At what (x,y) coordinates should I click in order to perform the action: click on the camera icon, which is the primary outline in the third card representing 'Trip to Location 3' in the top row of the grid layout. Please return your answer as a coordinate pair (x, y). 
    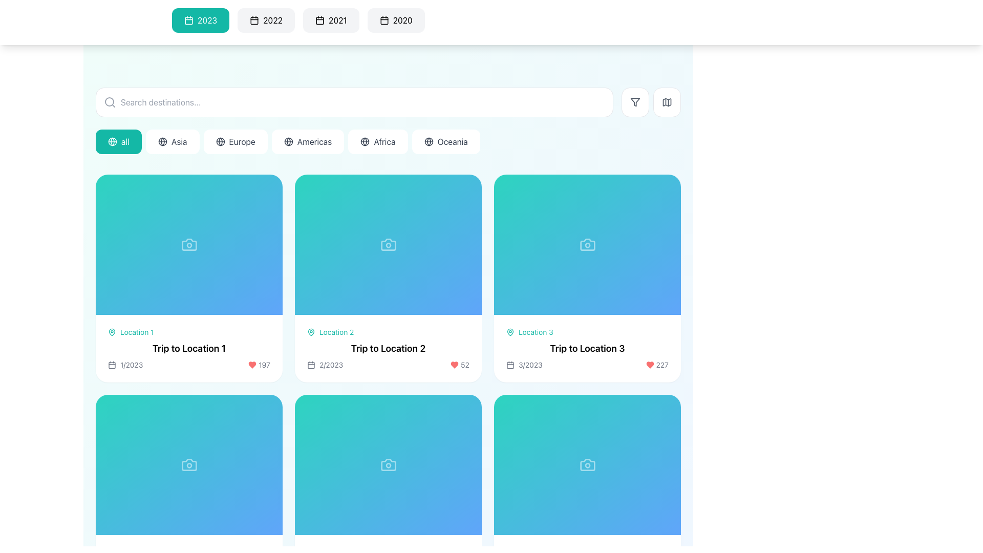
    Looking at the image, I should click on (587, 244).